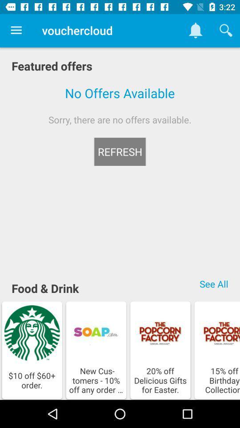  What do you see at coordinates (120, 152) in the screenshot?
I see `icon below the sorry there are icon` at bounding box center [120, 152].